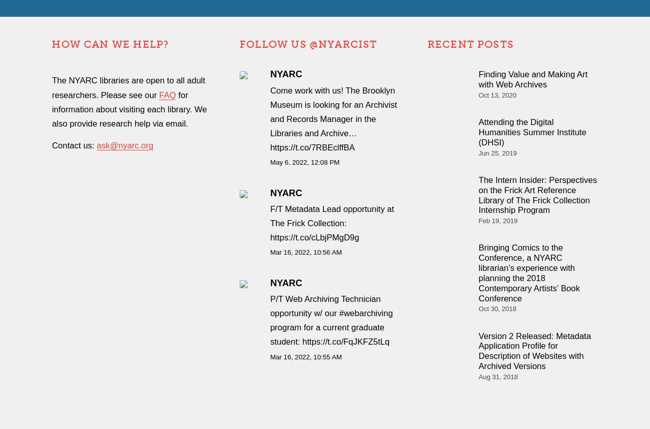 The height and width of the screenshot is (429, 650). What do you see at coordinates (74, 144) in the screenshot?
I see `'Contact us:'` at bounding box center [74, 144].